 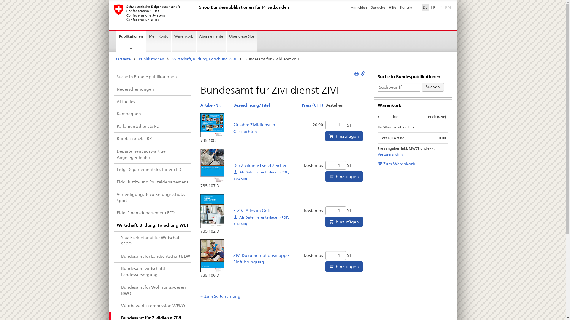 What do you see at coordinates (212, 165) in the screenshot?
I see `'Produktbild: Der Zivildienst setzt Zeichen'` at bounding box center [212, 165].